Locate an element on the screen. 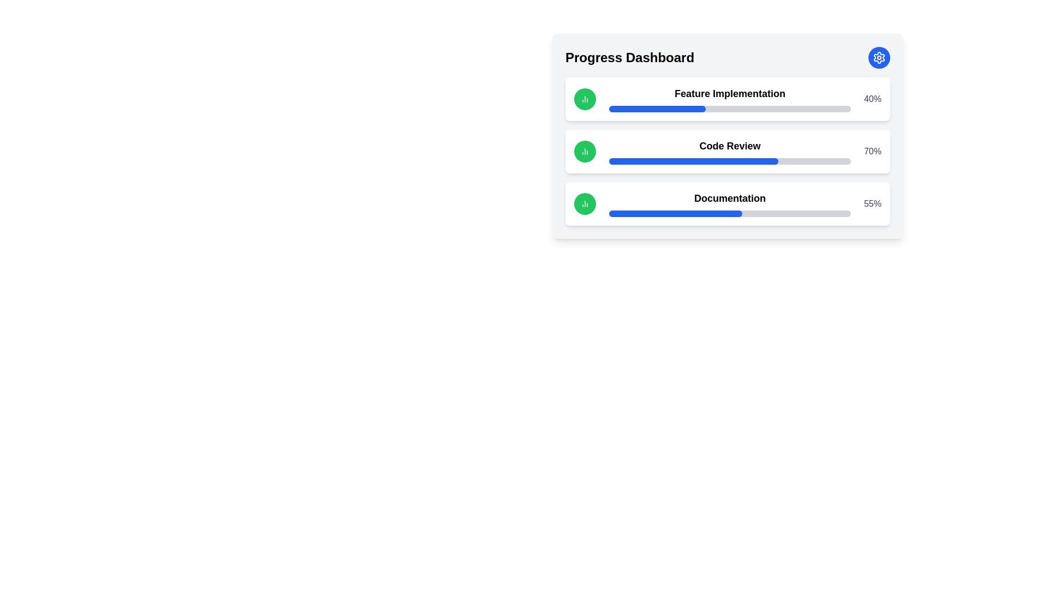  the settings button located in the upper-right corner of the 'Progress Dashboard' interface is located at coordinates (879, 57).